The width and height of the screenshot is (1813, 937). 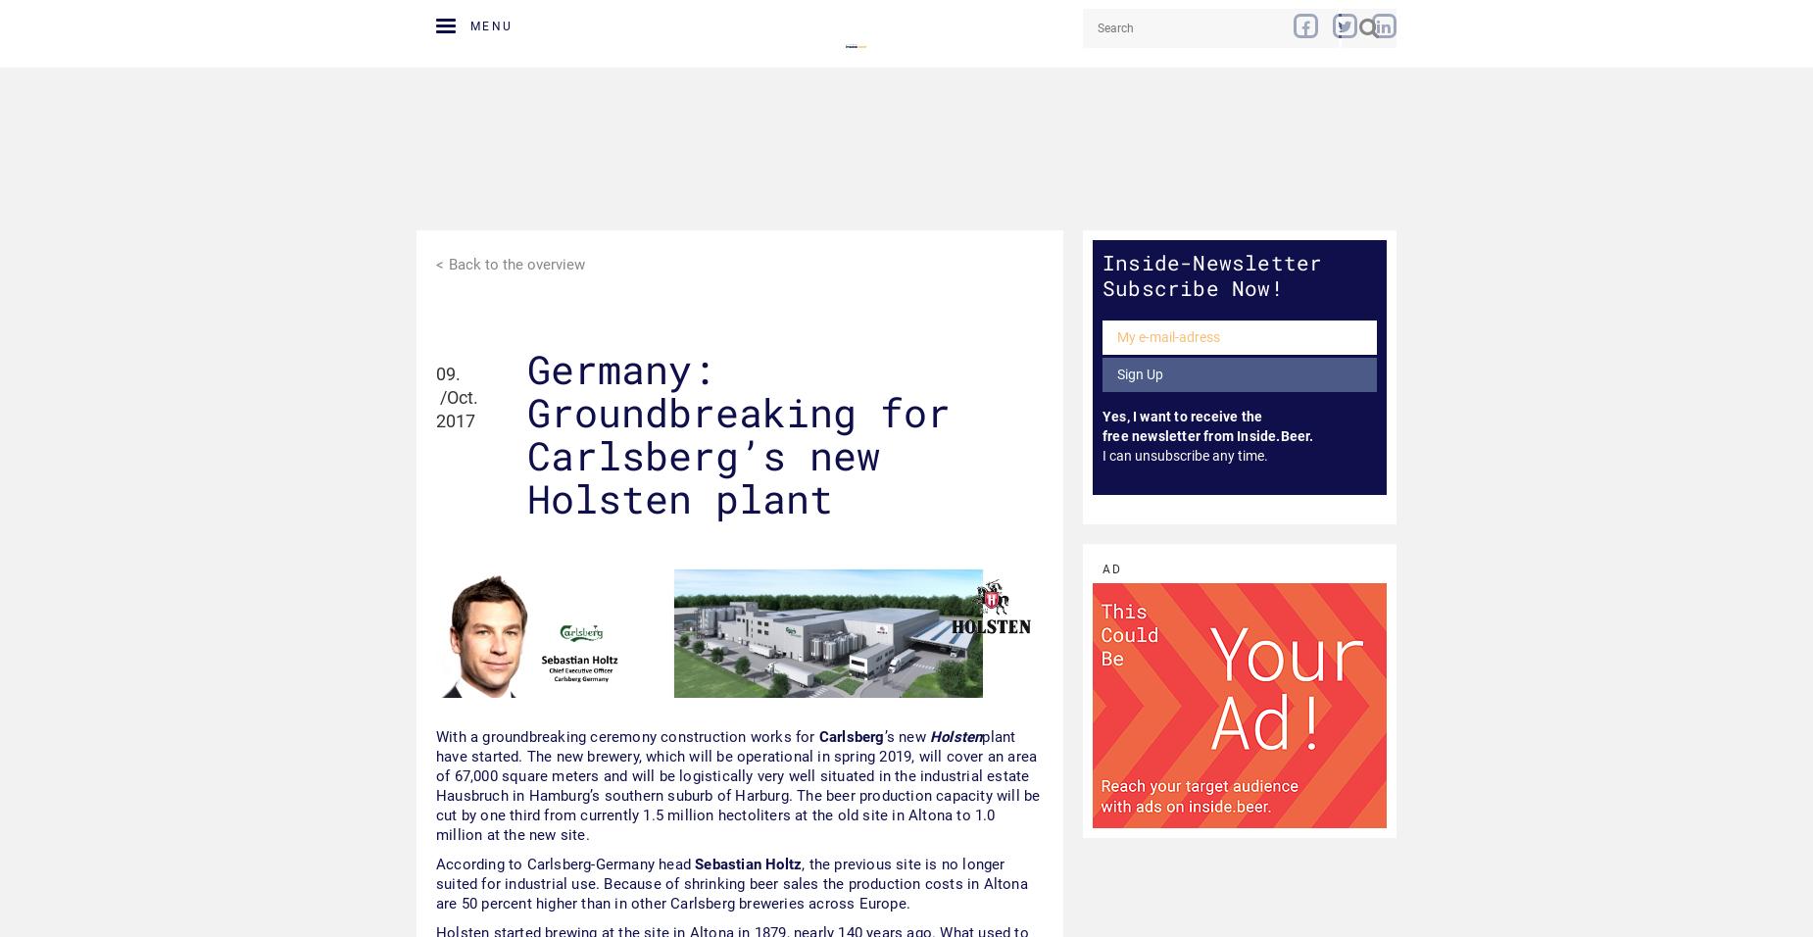 I want to click on 'Sebastian Holtz', so click(x=694, y=863).